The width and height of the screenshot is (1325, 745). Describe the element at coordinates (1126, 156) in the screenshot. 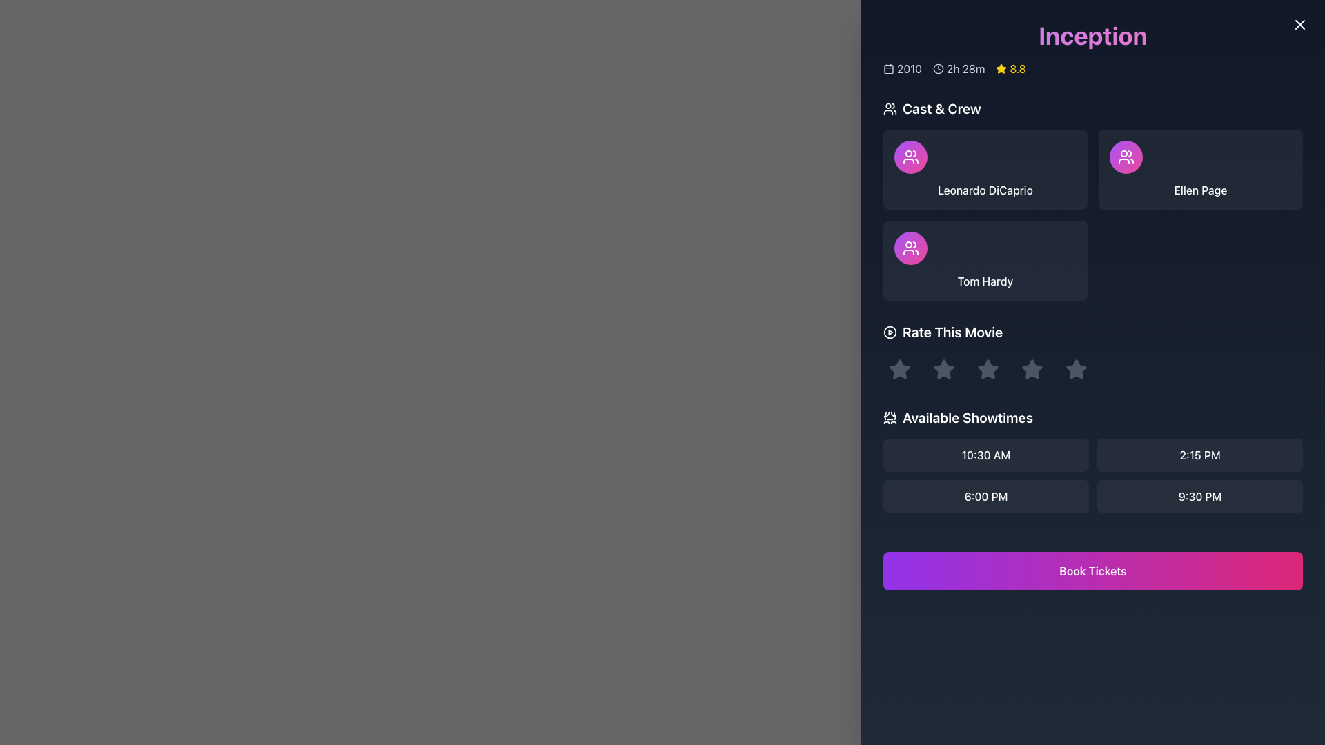

I see `details associated with the circular icon featuring a gradient background and a white outline of two people, located above the text 'Ellen Page' in the 'Cast & Crew' section` at that location.